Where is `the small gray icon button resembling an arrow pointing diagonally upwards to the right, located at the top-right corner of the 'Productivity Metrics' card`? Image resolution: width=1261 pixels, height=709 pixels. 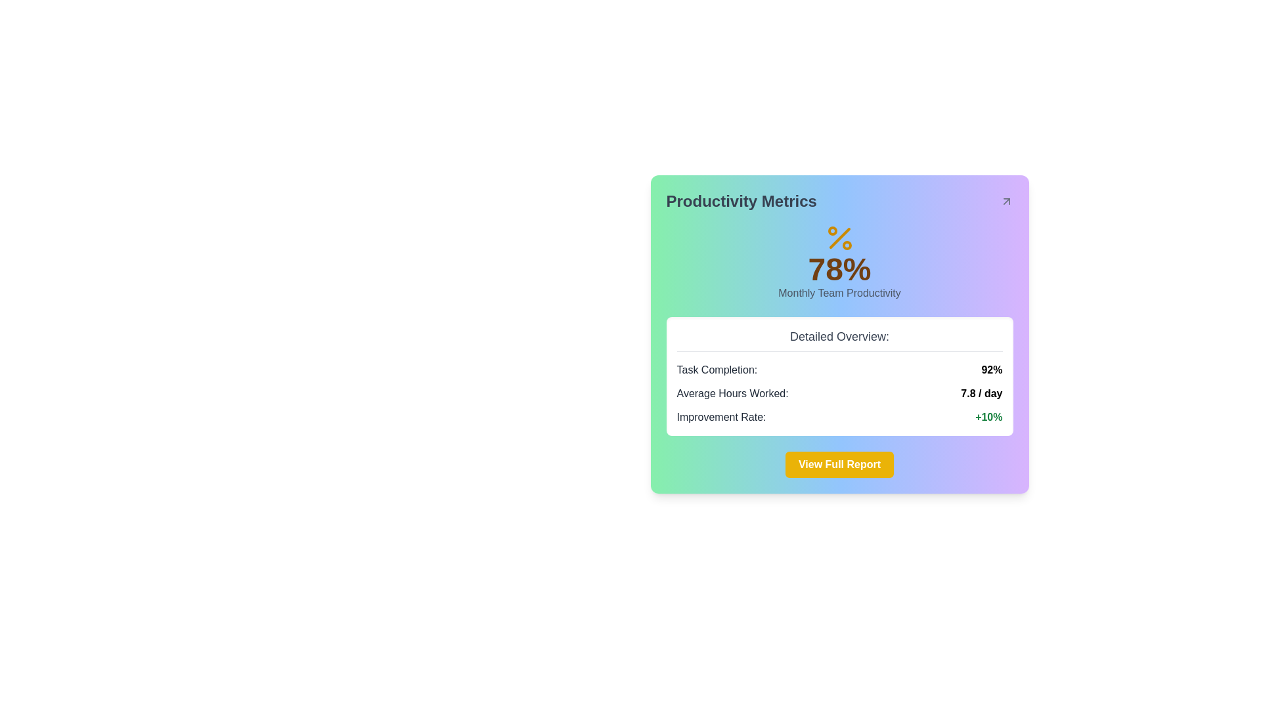
the small gray icon button resembling an arrow pointing diagonally upwards to the right, located at the top-right corner of the 'Productivity Metrics' card is located at coordinates (1006, 202).